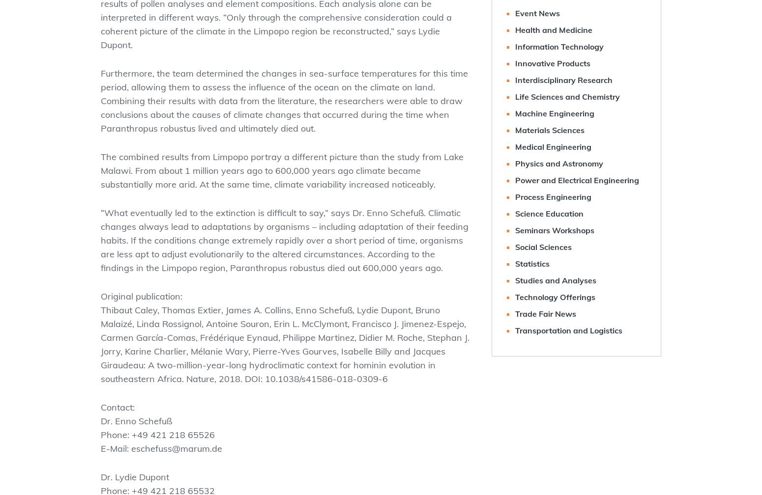 This screenshot has width=762, height=495. What do you see at coordinates (555, 280) in the screenshot?
I see `'Studies and Analyses'` at bounding box center [555, 280].